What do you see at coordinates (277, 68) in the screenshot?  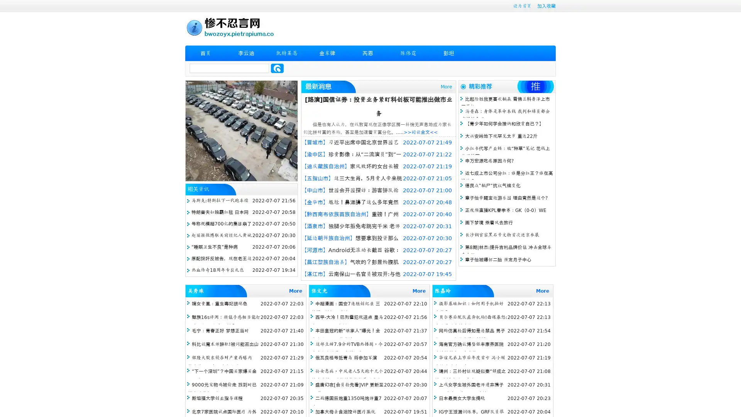 I see `Search` at bounding box center [277, 68].